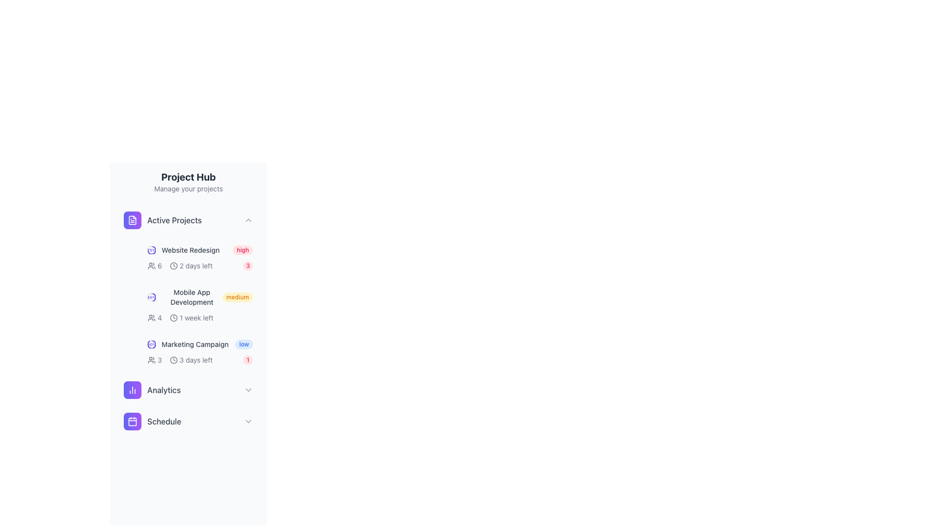  Describe the element at coordinates (154, 318) in the screenshot. I see `the numeric text '4' styled in gray, which is positioned adjacent to the user icon in the 'Mobile App Development' subsection of 'Active Projects'` at that location.